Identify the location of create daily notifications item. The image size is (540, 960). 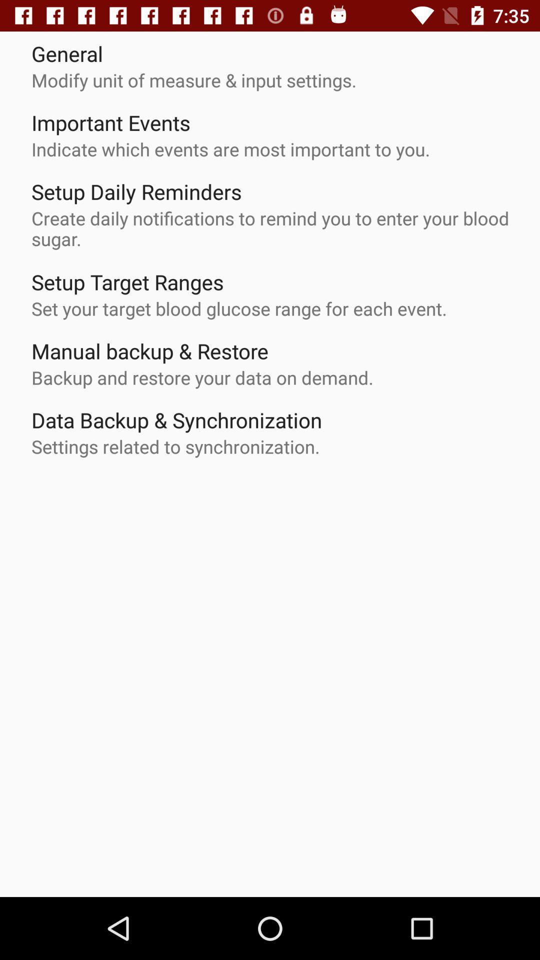
(275, 228).